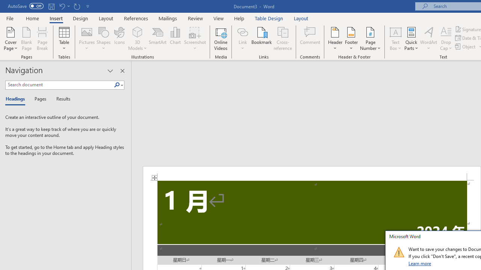 Image resolution: width=481 pixels, height=270 pixels. What do you see at coordinates (103, 39) in the screenshot?
I see `'Shapes'` at bounding box center [103, 39].